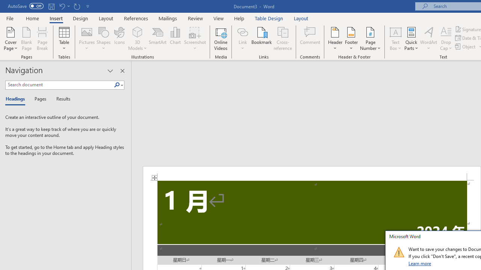 Image resolution: width=481 pixels, height=270 pixels. What do you see at coordinates (103, 39) in the screenshot?
I see `'Shapes'` at bounding box center [103, 39].